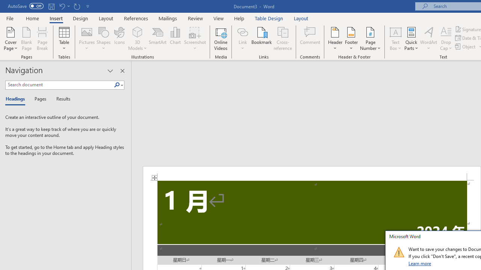 Image resolution: width=481 pixels, height=270 pixels. What do you see at coordinates (103, 39) in the screenshot?
I see `'Shapes'` at bounding box center [103, 39].